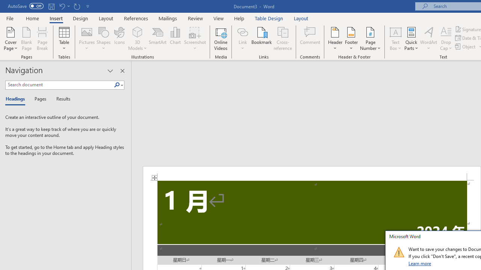 Image resolution: width=481 pixels, height=270 pixels. What do you see at coordinates (103, 39) in the screenshot?
I see `'Shapes'` at bounding box center [103, 39].